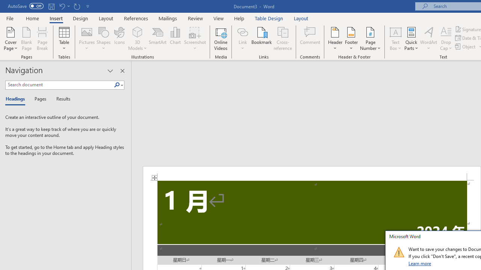 Image resolution: width=481 pixels, height=270 pixels. What do you see at coordinates (103, 39) in the screenshot?
I see `'Shapes'` at bounding box center [103, 39].